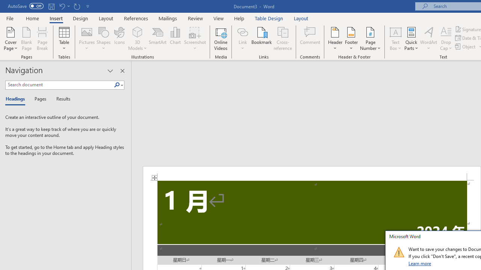 Image resolution: width=481 pixels, height=270 pixels. What do you see at coordinates (103, 39) in the screenshot?
I see `'Shapes'` at bounding box center [103, 39].